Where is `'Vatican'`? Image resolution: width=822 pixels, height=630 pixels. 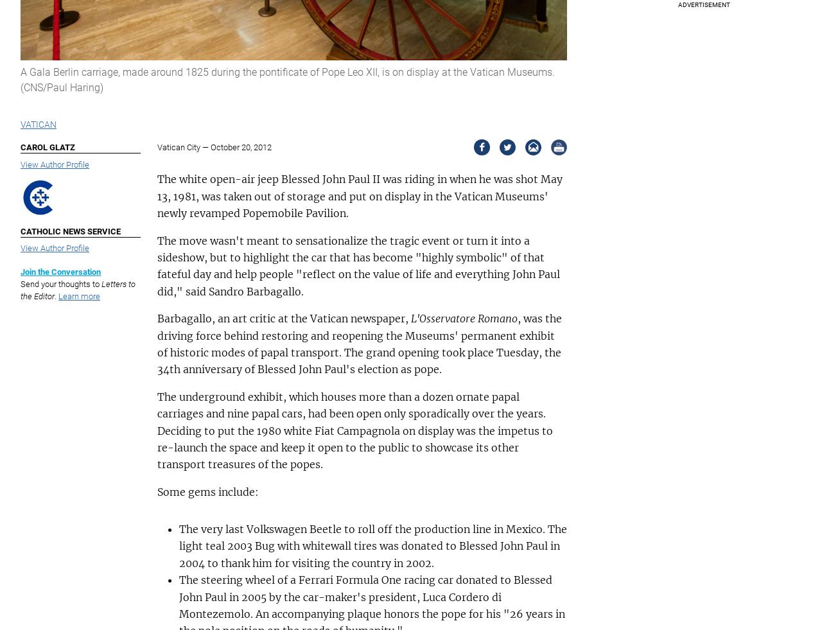
'Vatican' is located at coordinates (21, 124).